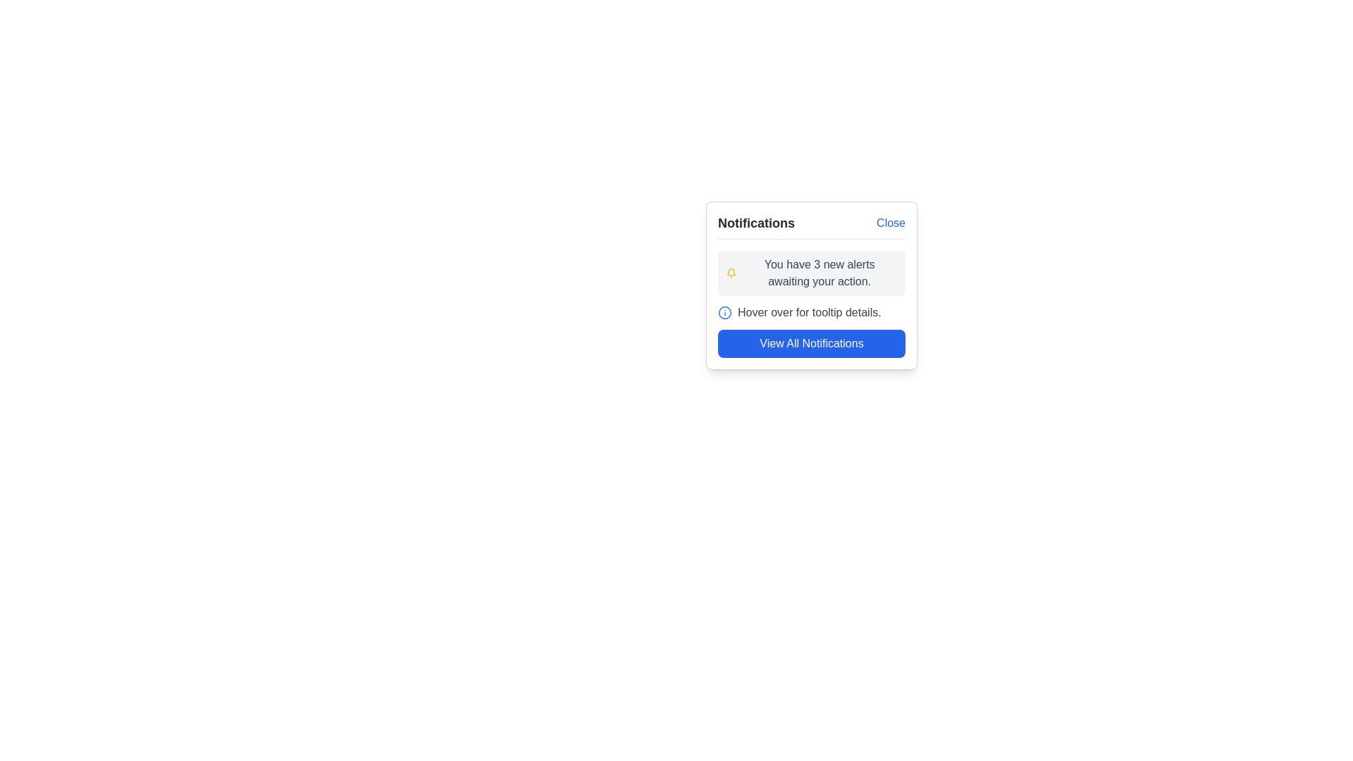 Image resolution: width=1353 pixels, height=761 pixels. Describe the element at coordinates (731, 273) in the screenshot. I see `the yellow bell icon located at the top-left corner of the notification panel, adjacent to the message 'You have 3 new alerts awaiting your action.' for potential interactions` at that location.